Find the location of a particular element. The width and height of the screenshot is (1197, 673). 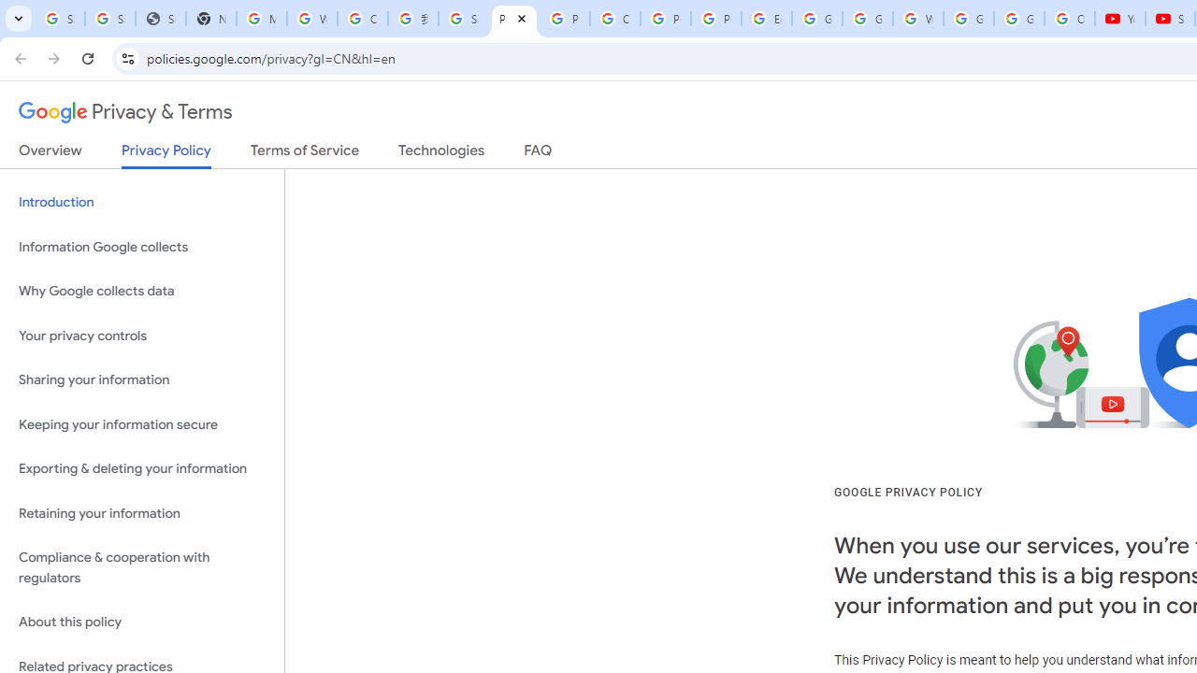

'Sharing your information' is located at coordinates (141, 379).